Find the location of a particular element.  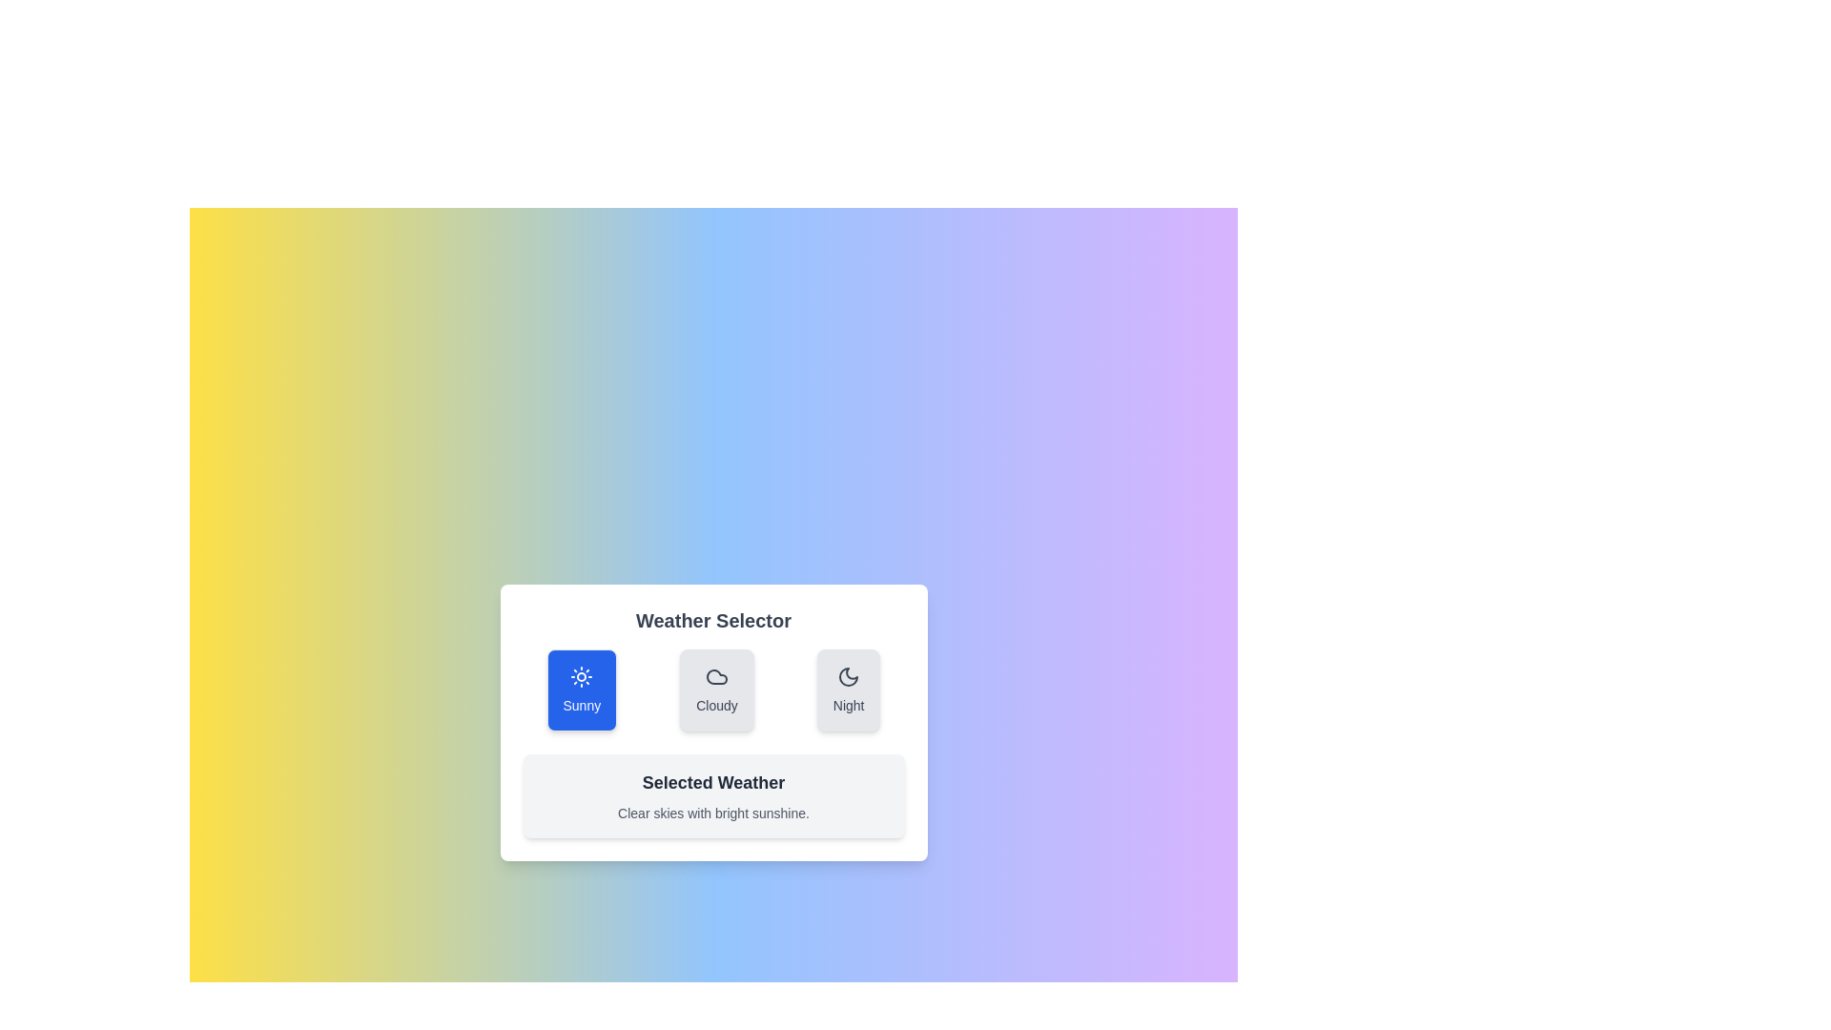

the 'Cloudy' weather option icon, which visually represents the 'Cloudy' weather and is centrally aligned between 'Sunny' and 'Night' options is located at coordinates (716, 675).